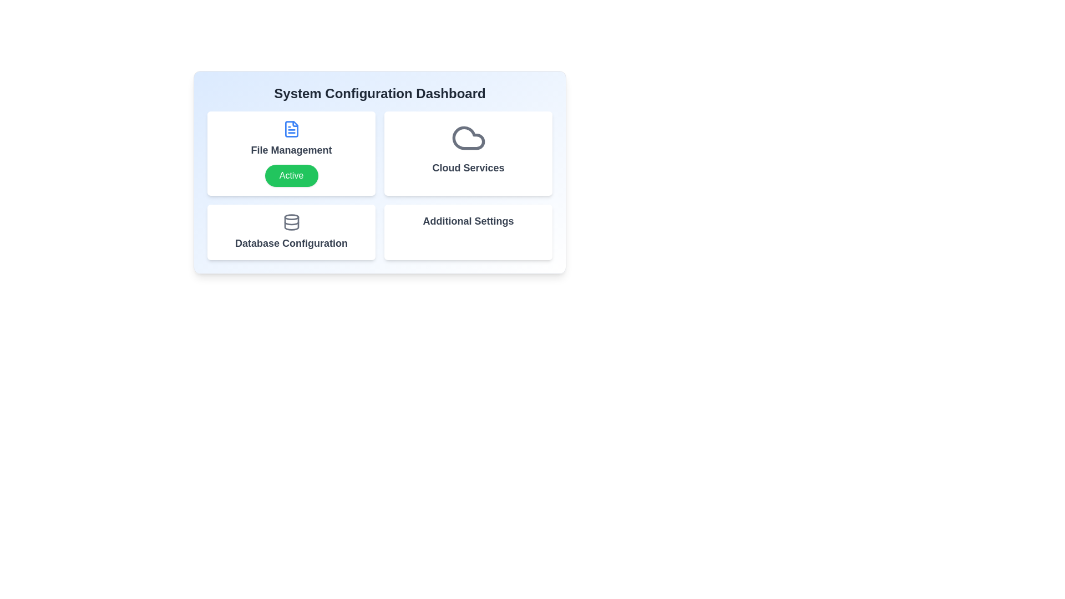 The width and height of the screenshot is (1065, 599). Describe the element at coordinates (468, 221) in the screenshot. I see `the static text label that identifies the 'Additional Settings' section, located in the bottom-right corner of a card within the grid layout` at that location.